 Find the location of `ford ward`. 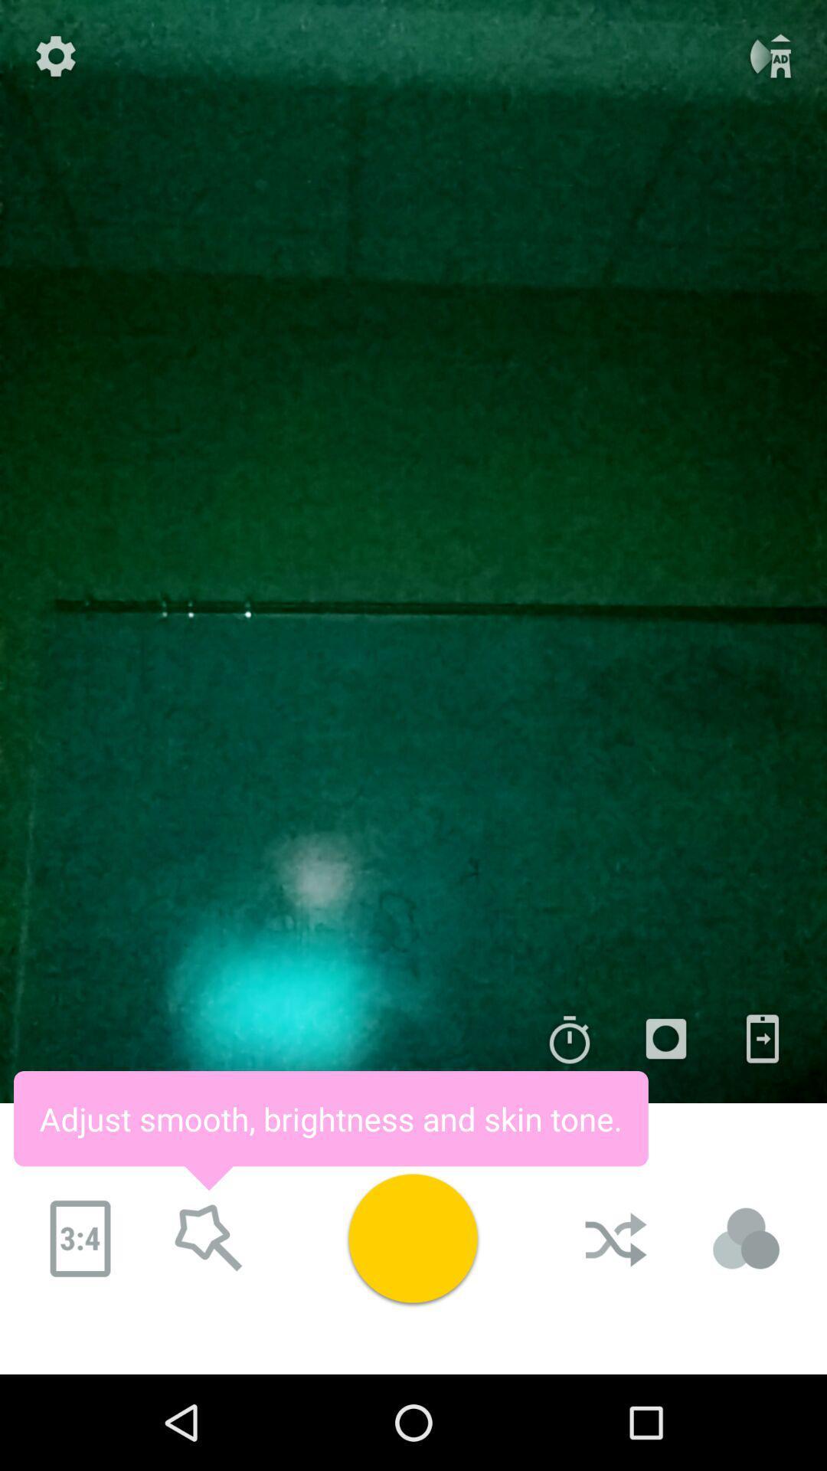

ford ward is located at coordinates (209, 1239).